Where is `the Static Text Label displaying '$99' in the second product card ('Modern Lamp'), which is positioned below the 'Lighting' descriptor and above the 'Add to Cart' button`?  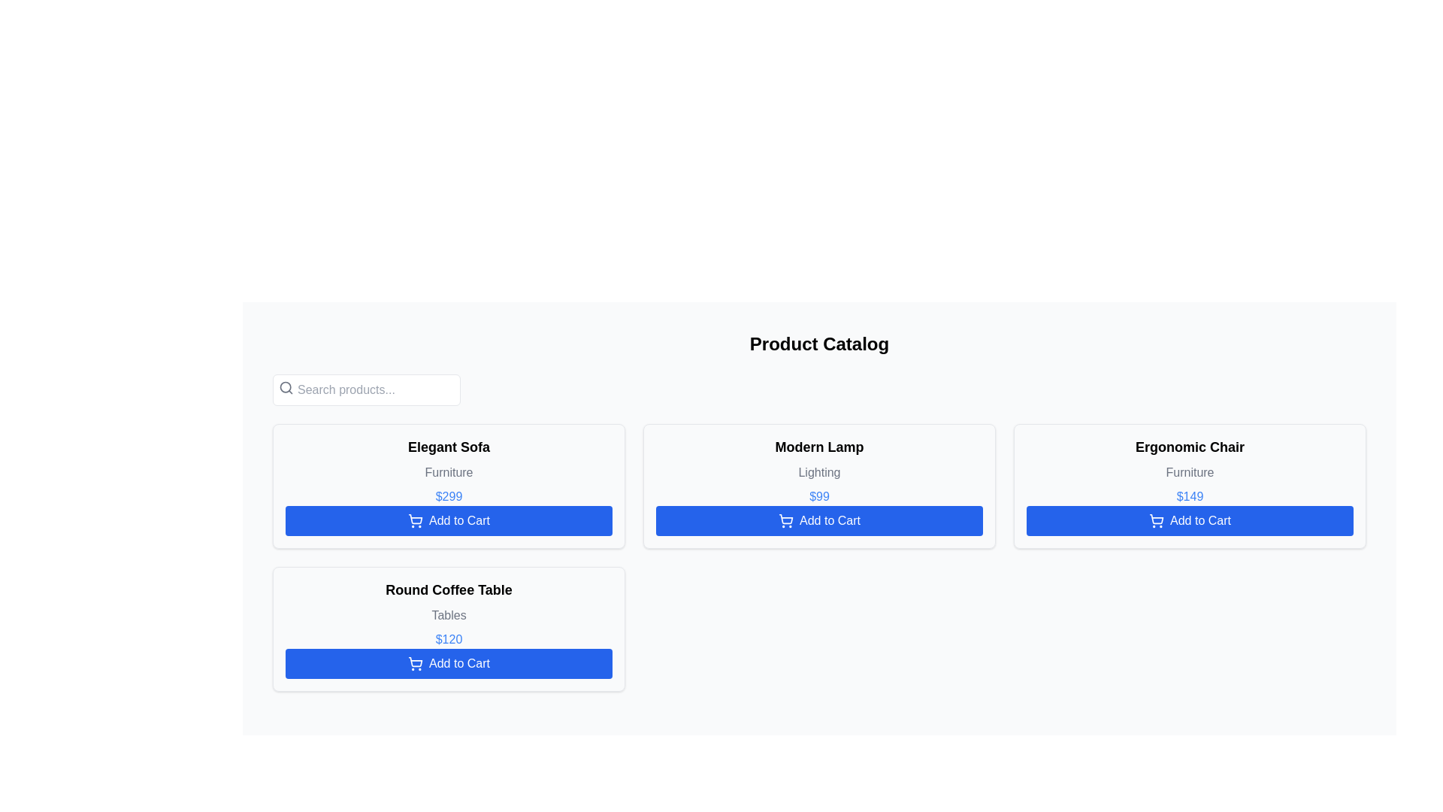 the Static Text Label displaying '$99' in the second product card ('Modern Lamp'), which is positioned below the 'Lighting' descriptor and above the 'Add to Cart' button is located at coordinates (818, 496).